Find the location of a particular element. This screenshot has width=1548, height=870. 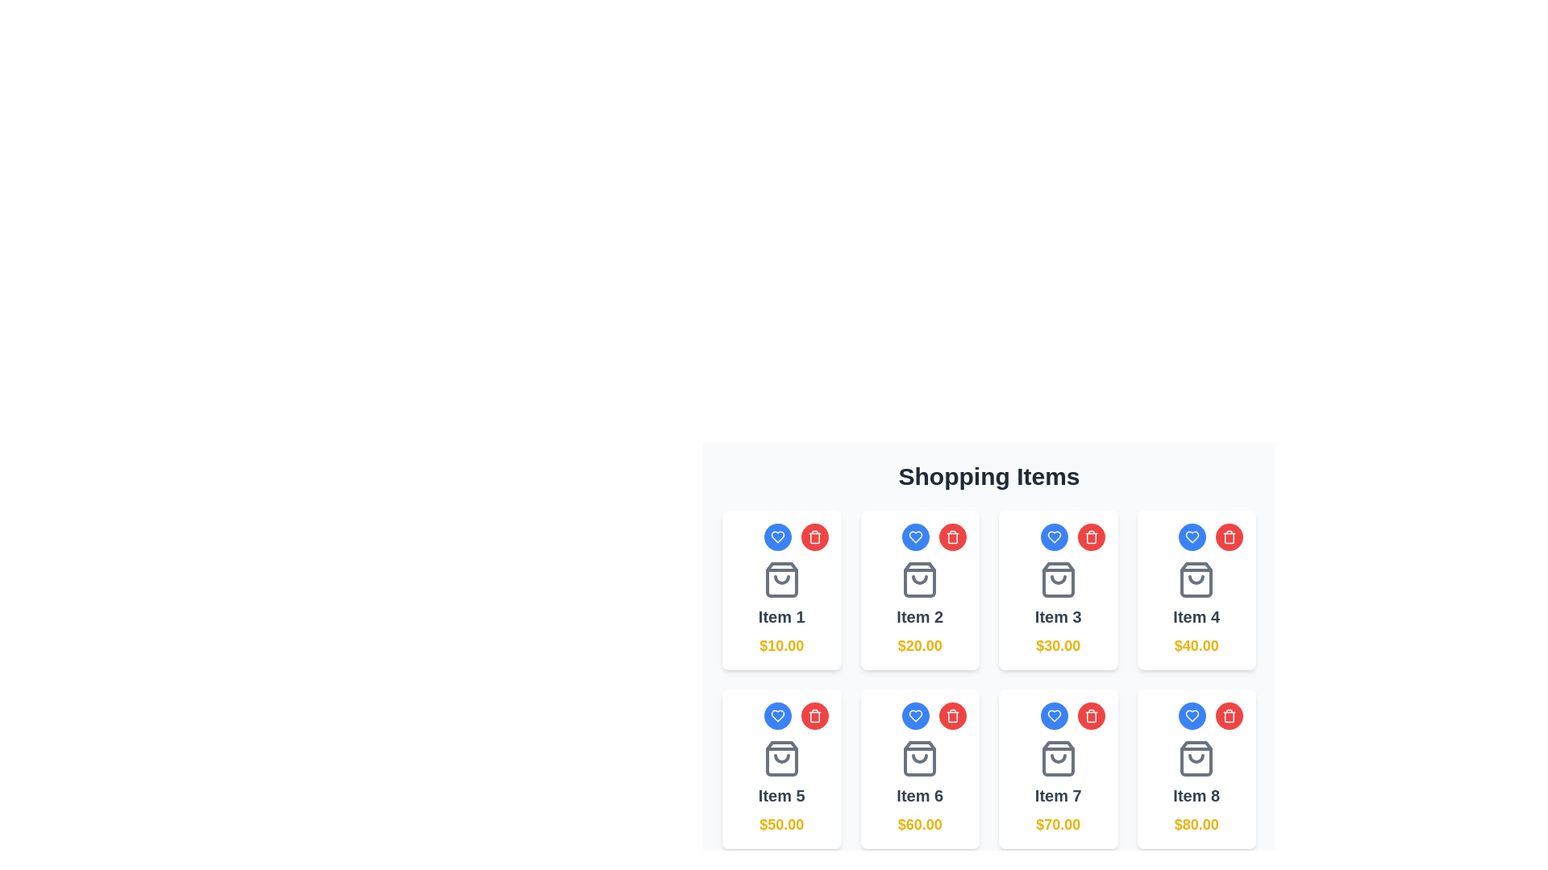

the blue circular button with a white heart icon, located to the left of the red circular button with a trash can icon, above the item image and description for 'Item 6' is located at coordinates (920, 715).